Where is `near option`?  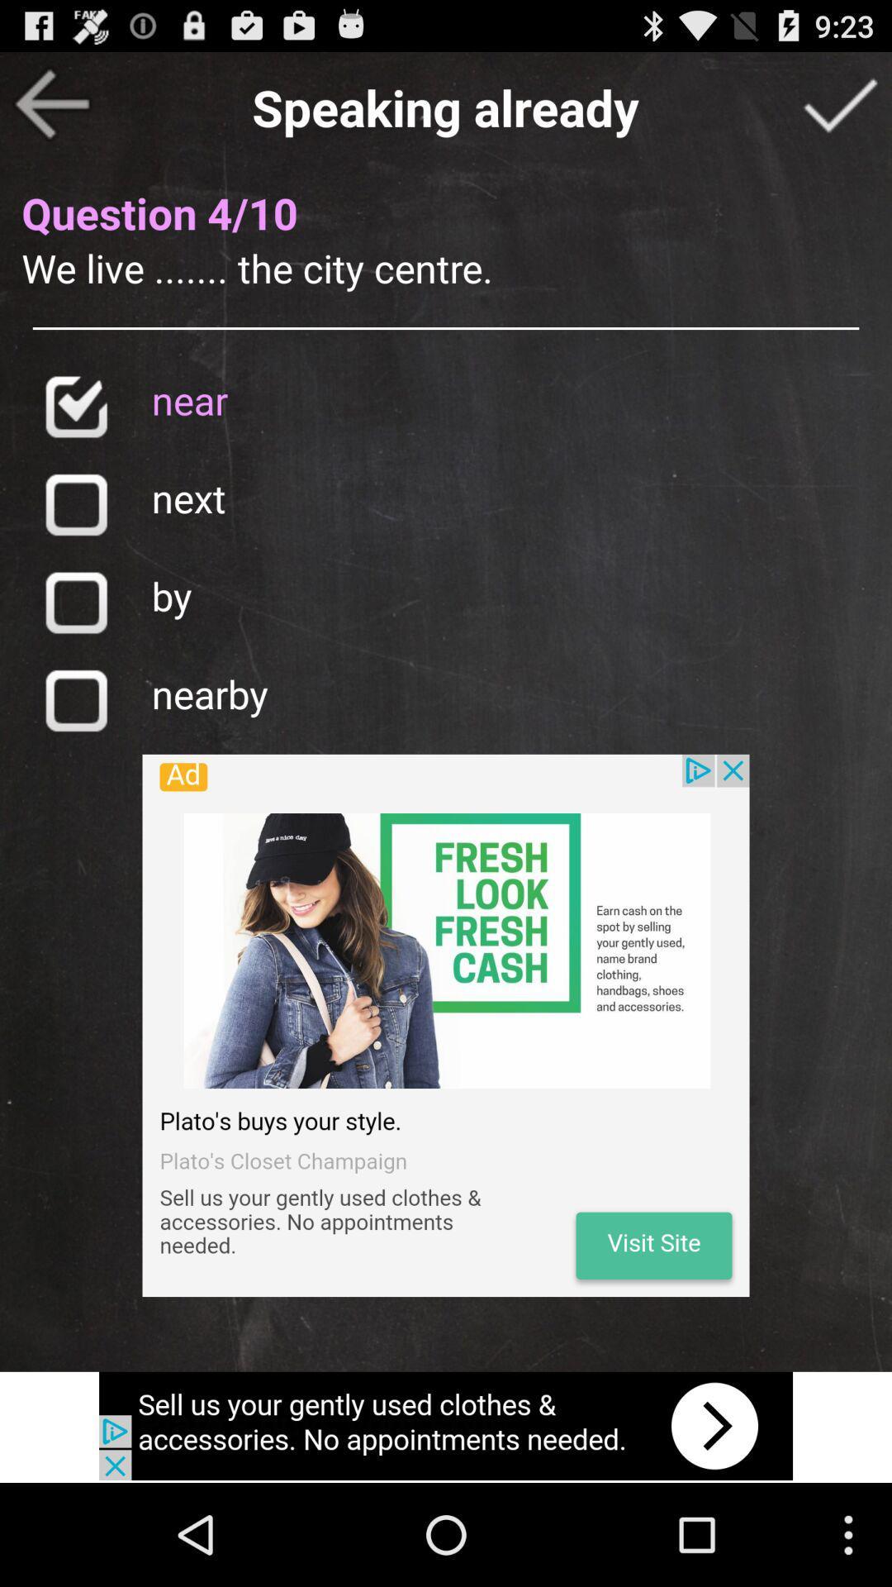
near option is located at coordinates (75, 406).